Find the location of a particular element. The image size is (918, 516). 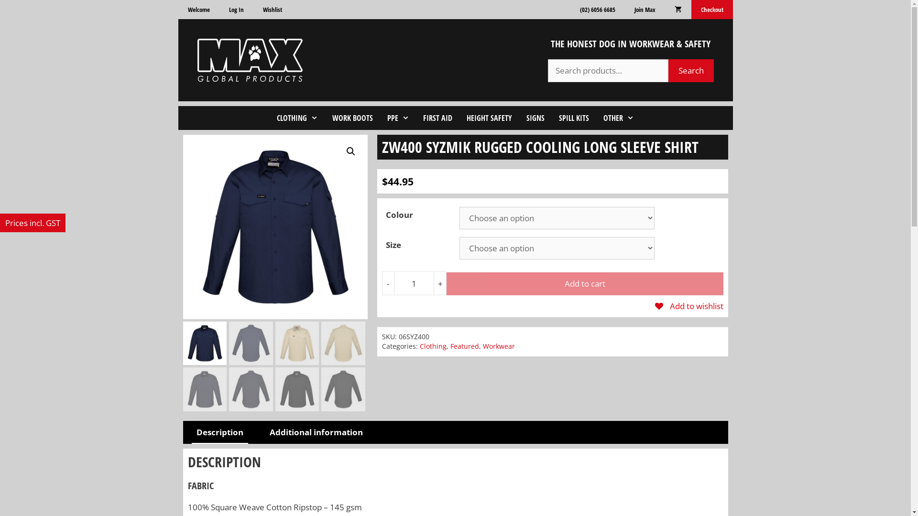

'Wishlist' is located at coordinates (272, 9).